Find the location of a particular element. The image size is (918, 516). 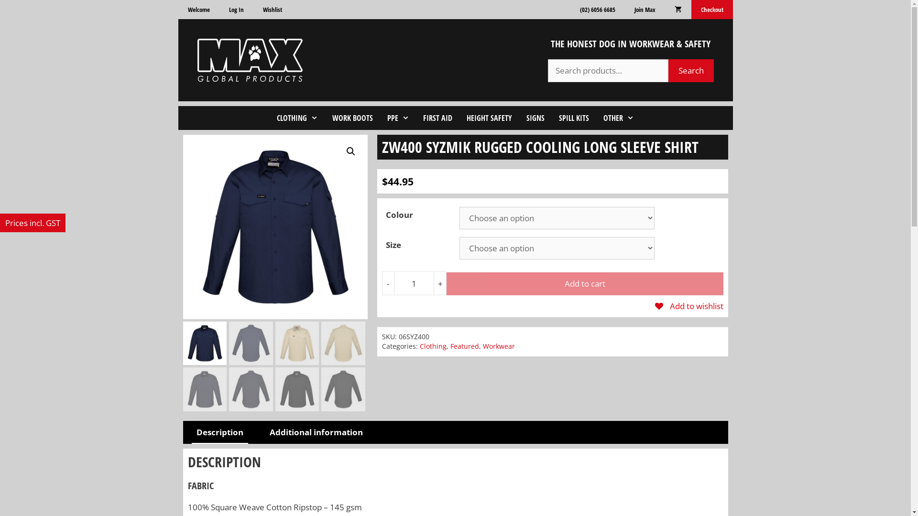

'Wishlist' is located at coordinates (272, 9).